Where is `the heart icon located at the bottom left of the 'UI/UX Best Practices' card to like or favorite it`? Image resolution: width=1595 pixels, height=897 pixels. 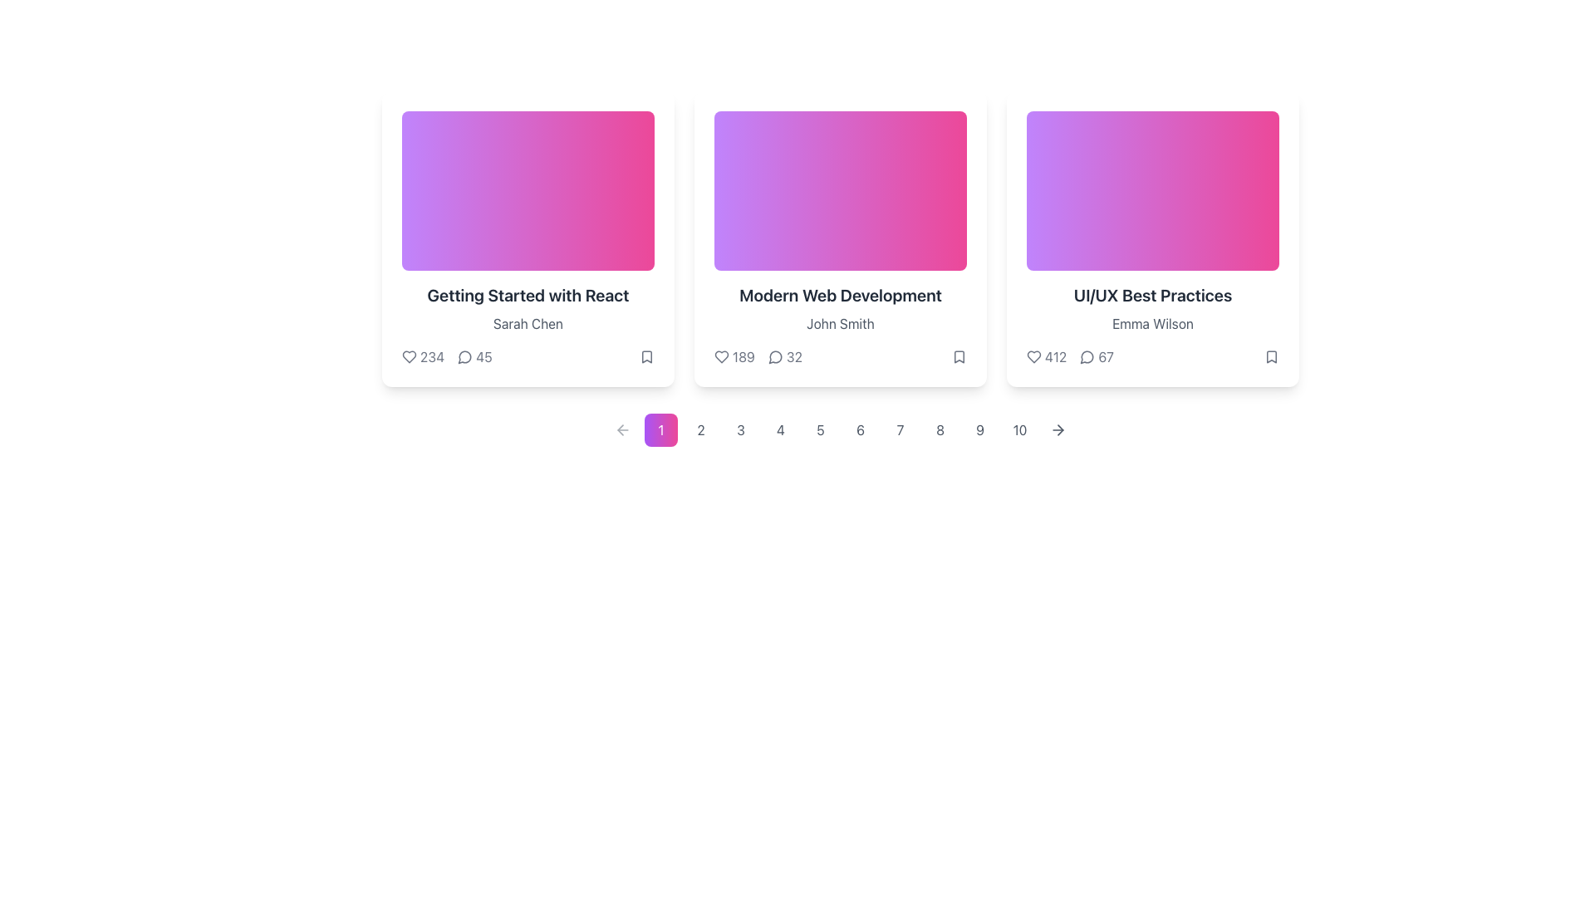 the heart icon located at the bottom left of the 'UI/UX Best Practices' card to like or favorite it is located at coordinates (1033, 355).